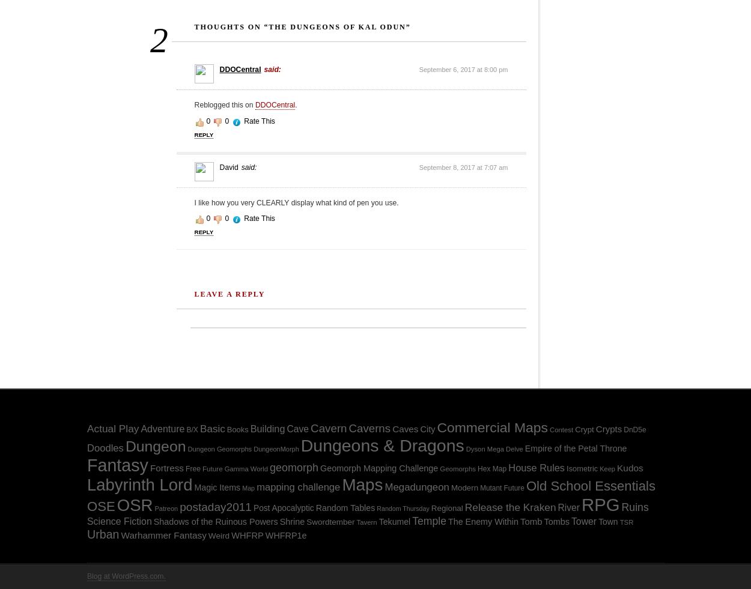  I want to click on 'Caverns', so click(369, 428).